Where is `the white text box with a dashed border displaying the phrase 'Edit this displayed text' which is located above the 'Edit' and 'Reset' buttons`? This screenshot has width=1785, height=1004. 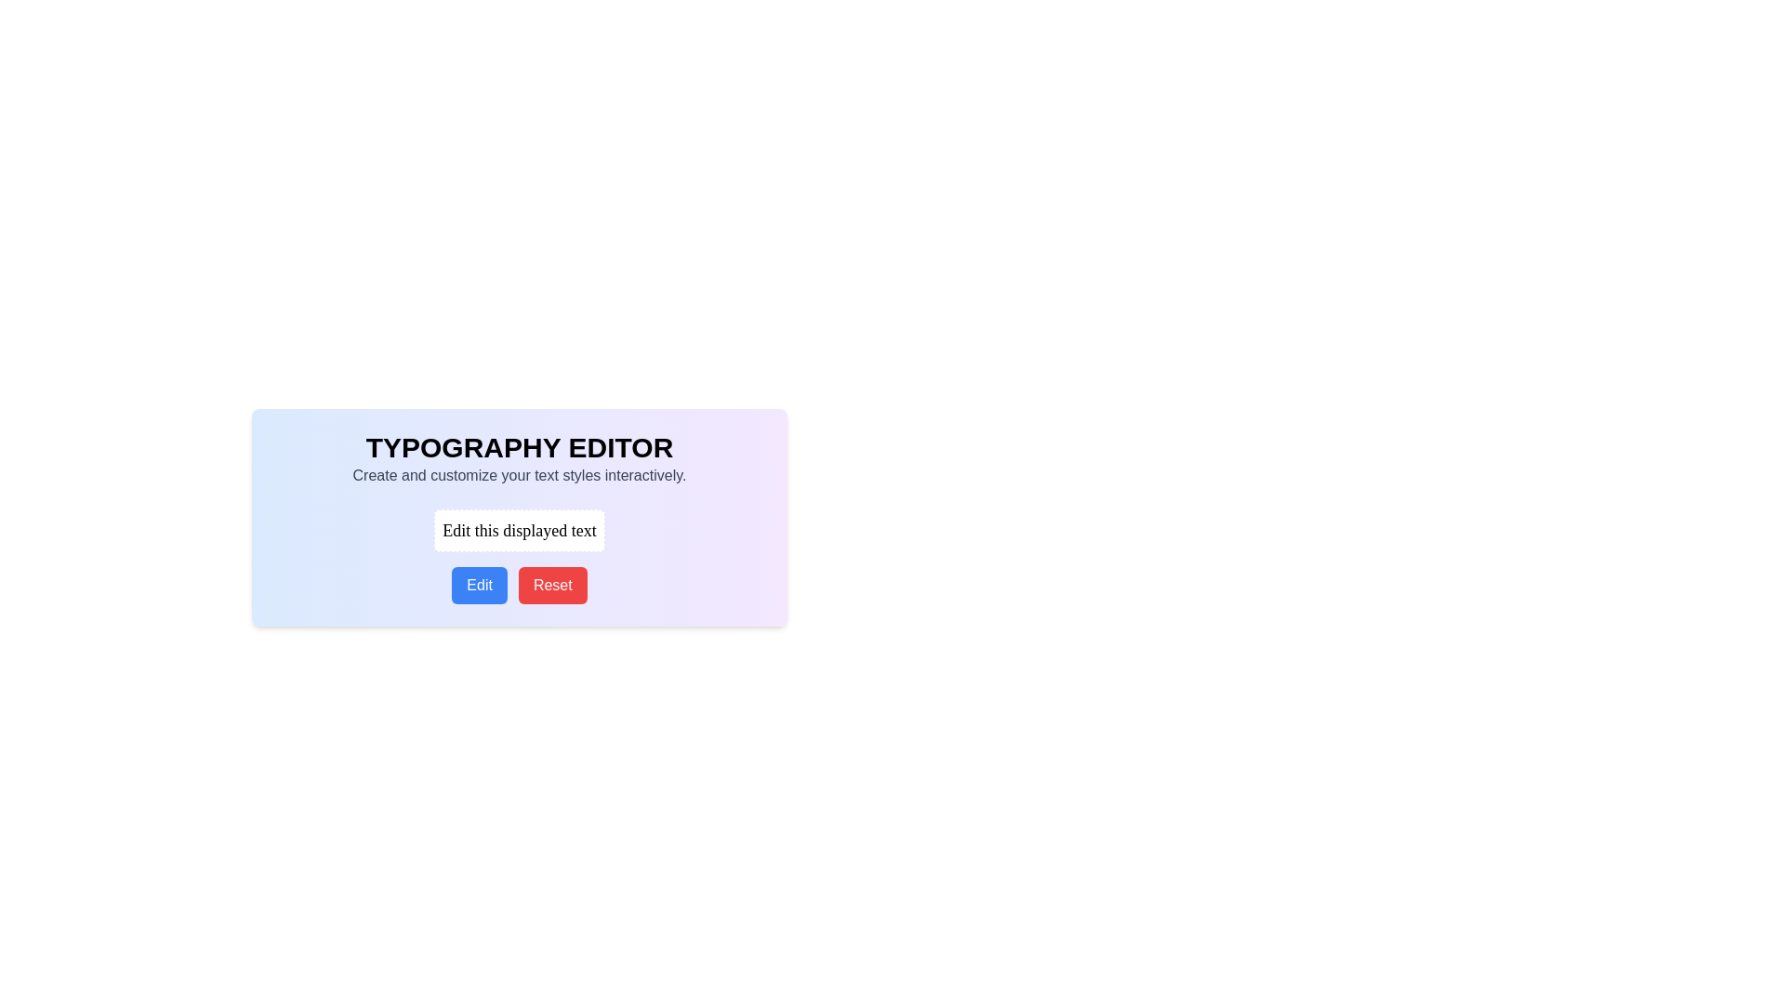
the white text box with a dashed border displaying the phrase 'Edit this displayed text' which is located above the 'Edit' and 'Reset' buttons is located at coordinates (519, 530).